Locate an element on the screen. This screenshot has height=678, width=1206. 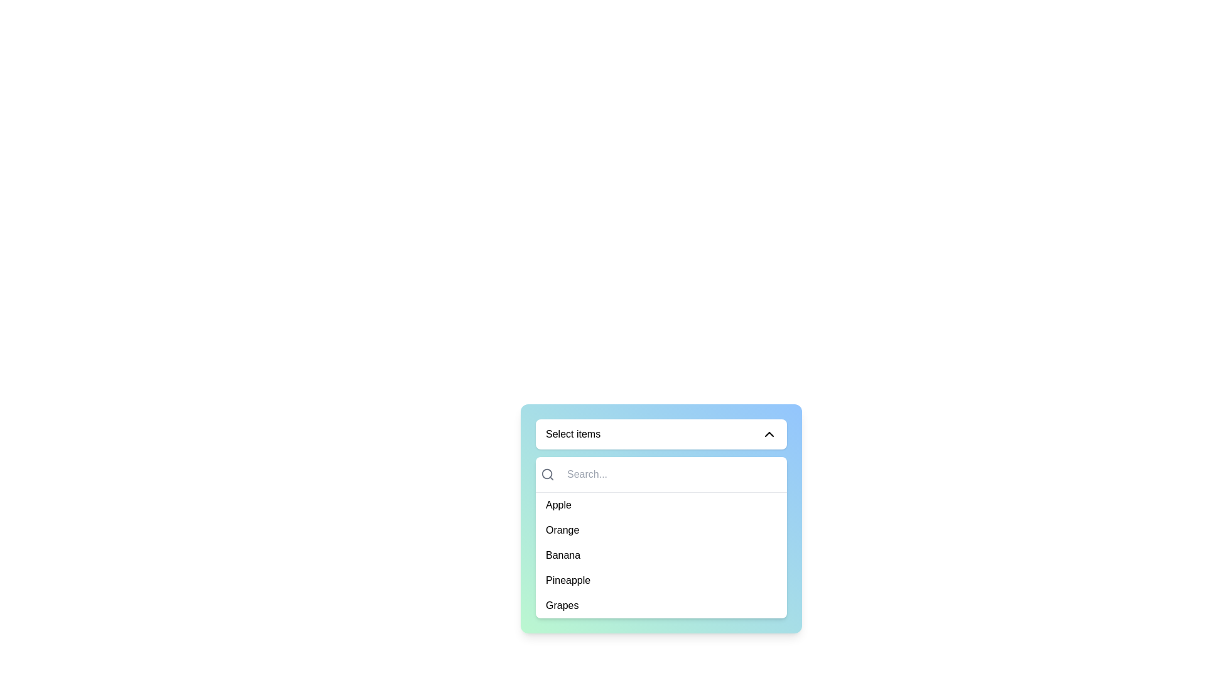
the static text label displaying 'Pineapple' in the dropdown list, which is the fourth item in a vertical selection of options is located at coordinates (567, 581).